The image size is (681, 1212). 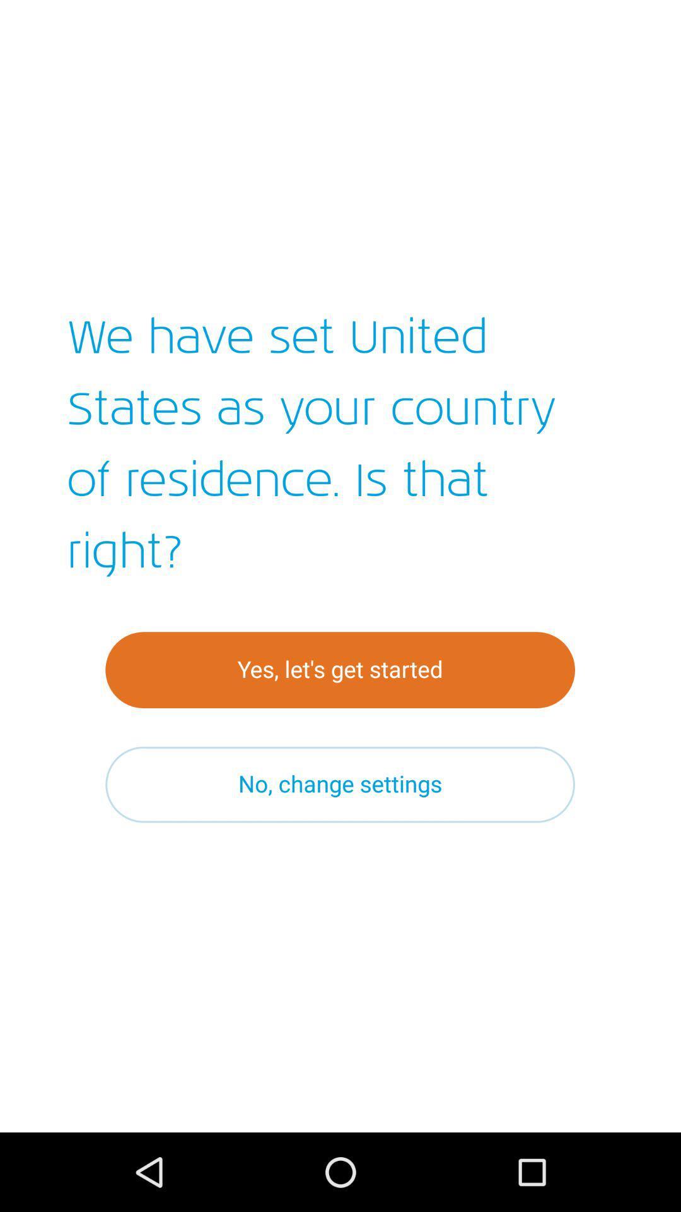 What do you see at coordinates (339, 669) in the screenshot?
I see `the item below we have set icon` at bounding box center [339, 669].